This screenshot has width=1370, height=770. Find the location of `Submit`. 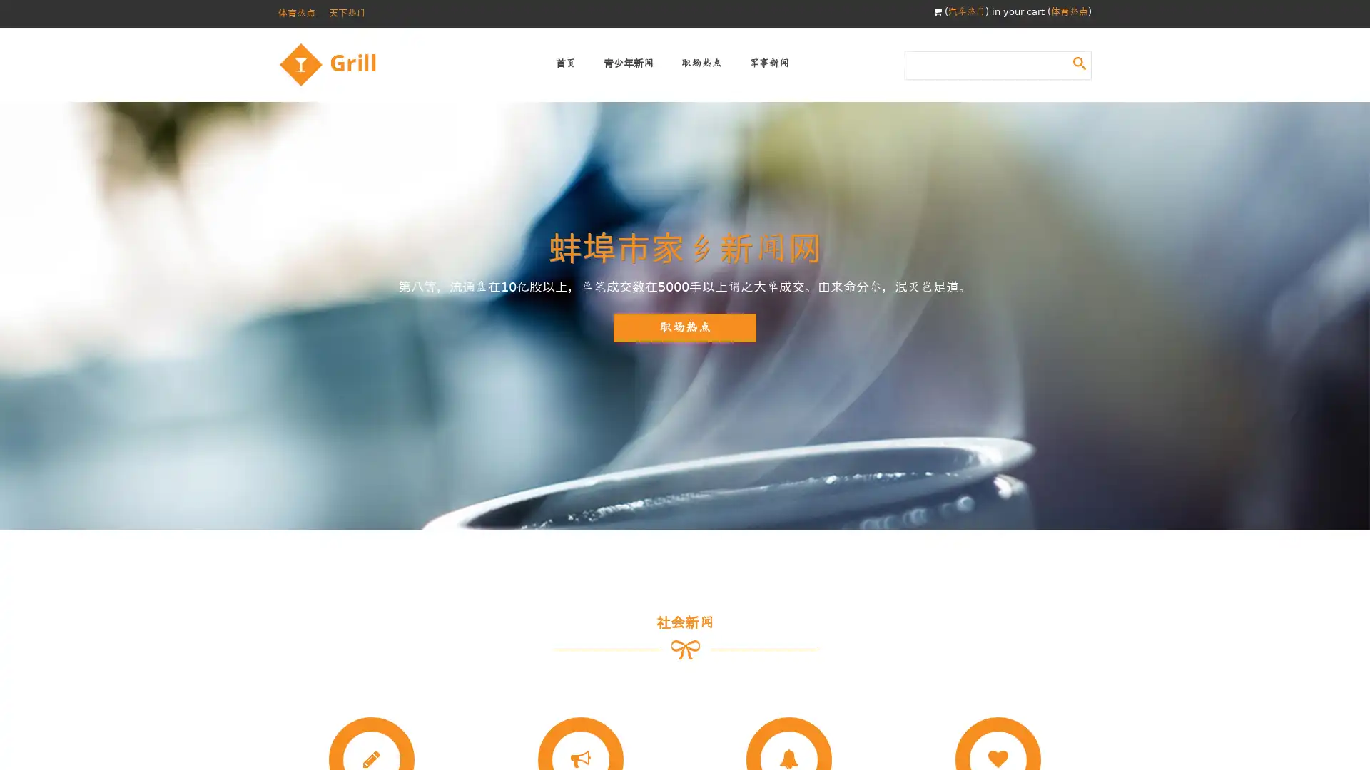

Submit is located at coordinates (1079, 62).